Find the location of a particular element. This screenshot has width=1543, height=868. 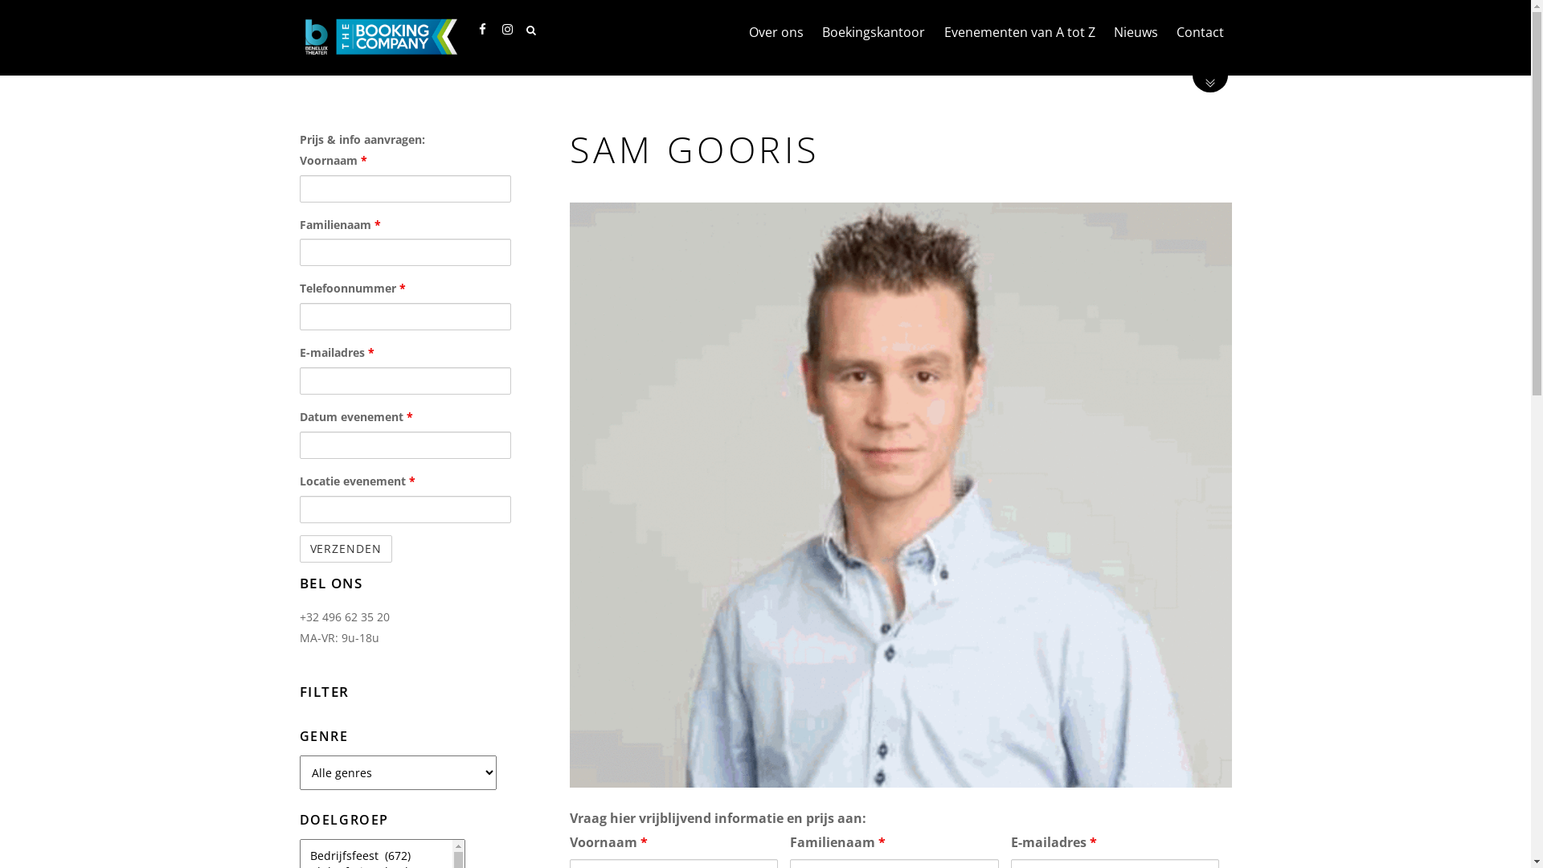

'Boekingskantoor' is located at coordinates (873, 32).